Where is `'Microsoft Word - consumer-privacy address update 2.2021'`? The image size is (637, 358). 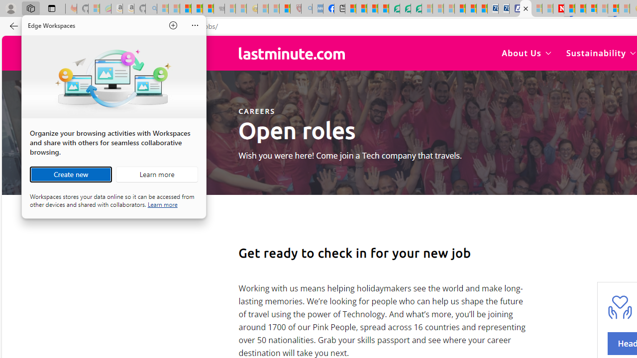
'Microsoft Word - consumer-privacy address update 2.2021' is located at coordinates (416, 8).